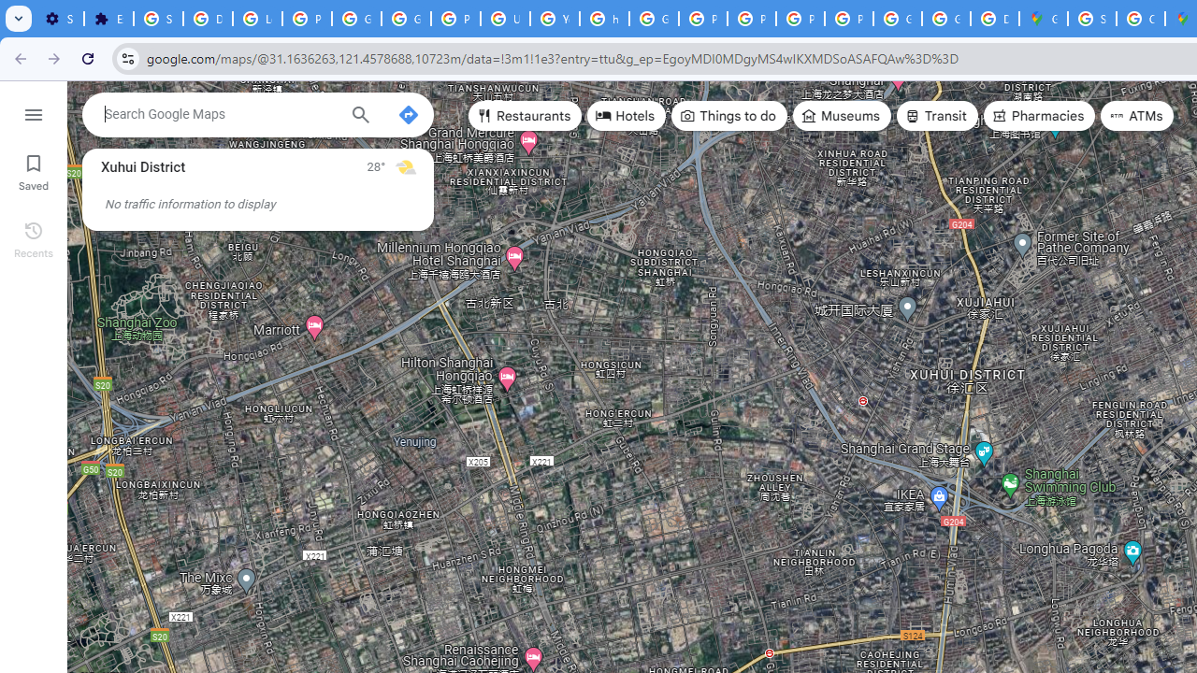 The width and height of the screenshot is (1197, 673). What do you see at coordinates (404, 165) in the screenshot?
I see `'Mostly sunny'` at bounding box center [404, 165].